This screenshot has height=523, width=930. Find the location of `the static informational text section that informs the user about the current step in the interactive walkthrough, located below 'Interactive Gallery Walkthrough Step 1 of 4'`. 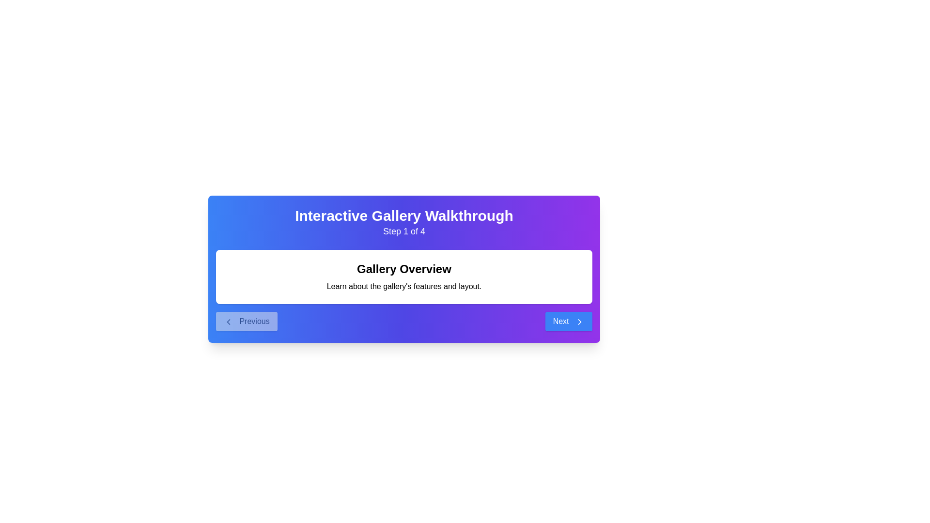

the static informational text section that informs the user about the current step in the interactive walkthrough, located below 'Interactive Gallery Walkthrough Step 1 of 4' is located at coordinates (404, 277).